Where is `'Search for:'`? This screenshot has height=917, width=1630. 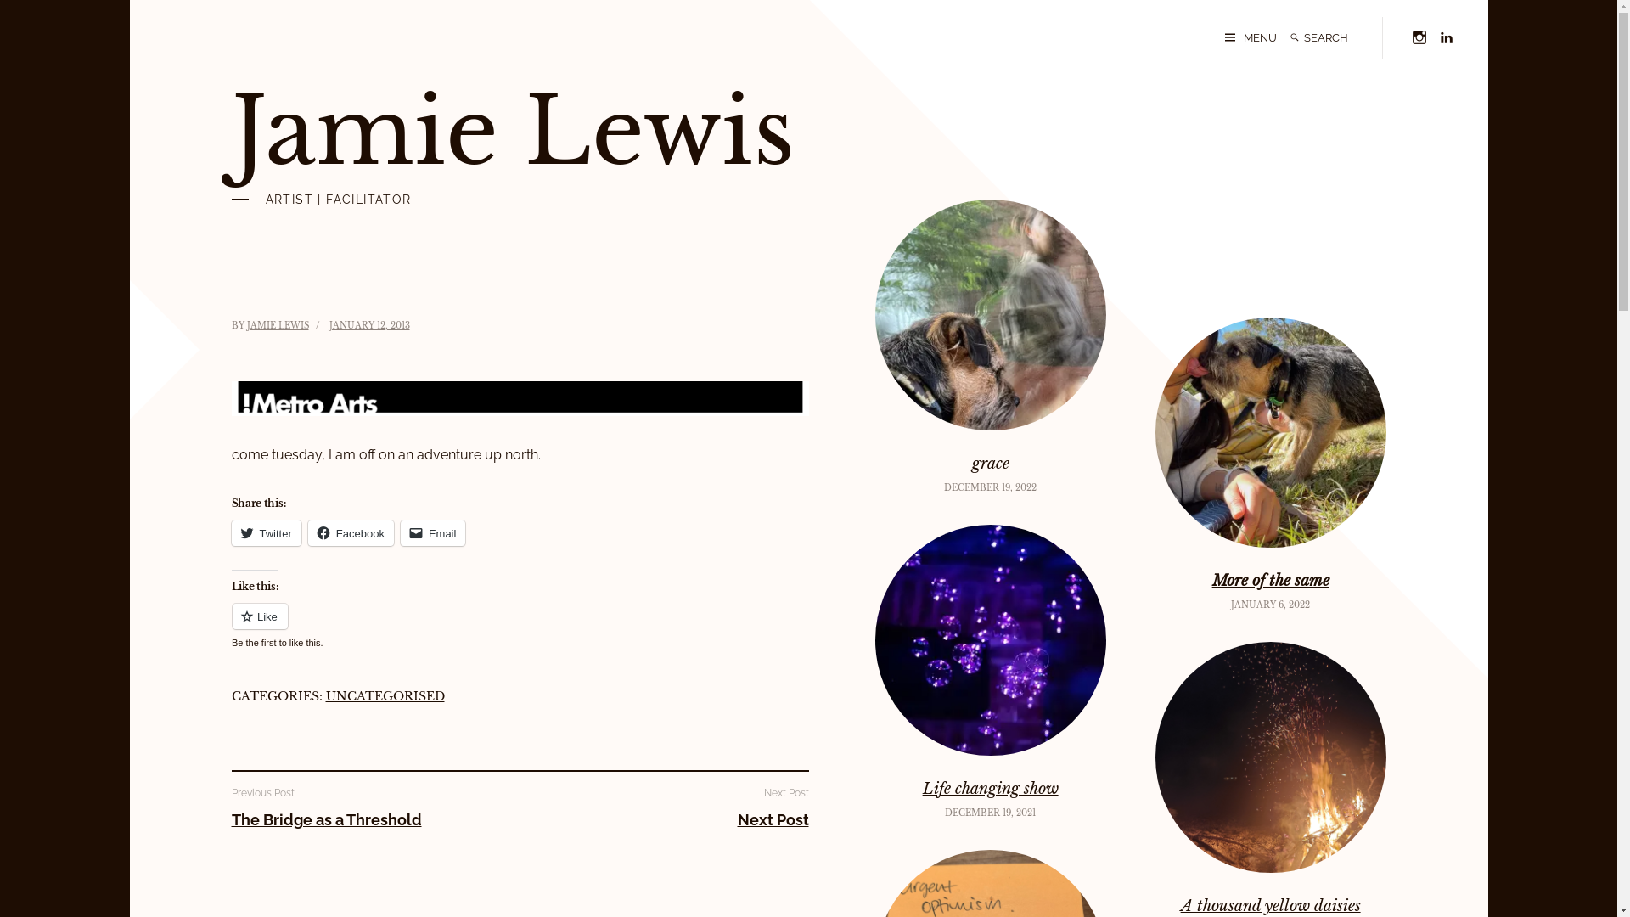 'Search for:' is located at coordinates (1303, 37).